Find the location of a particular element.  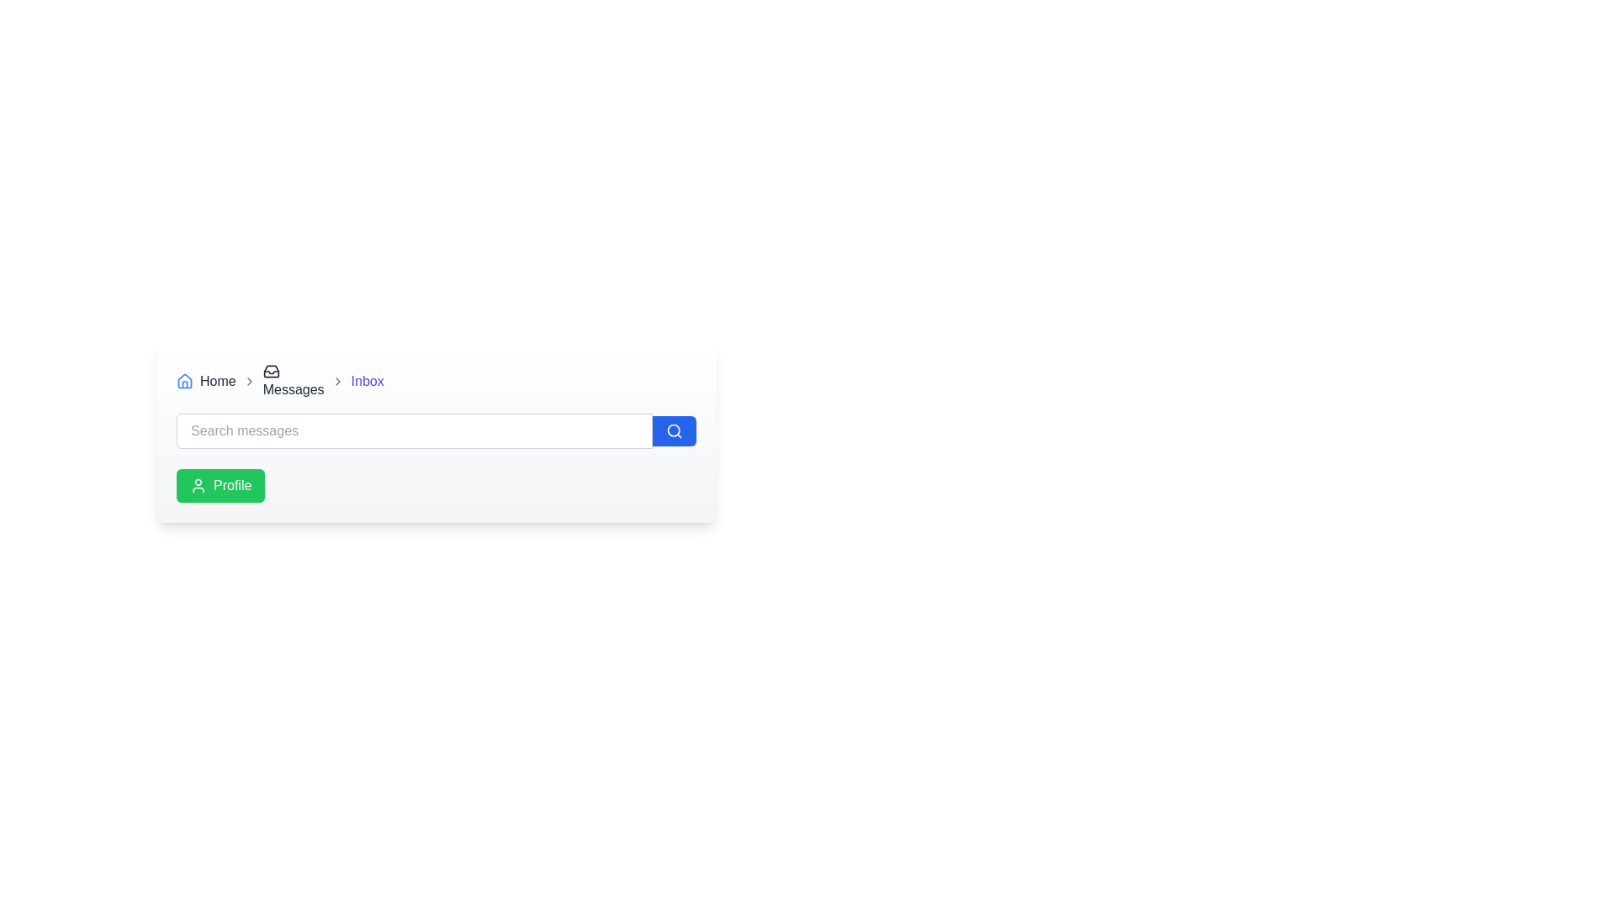

the third chevron icon in the breadcrumb trail, located between 'Messages' and 'Inbox' is located at coordinates (336, 382).